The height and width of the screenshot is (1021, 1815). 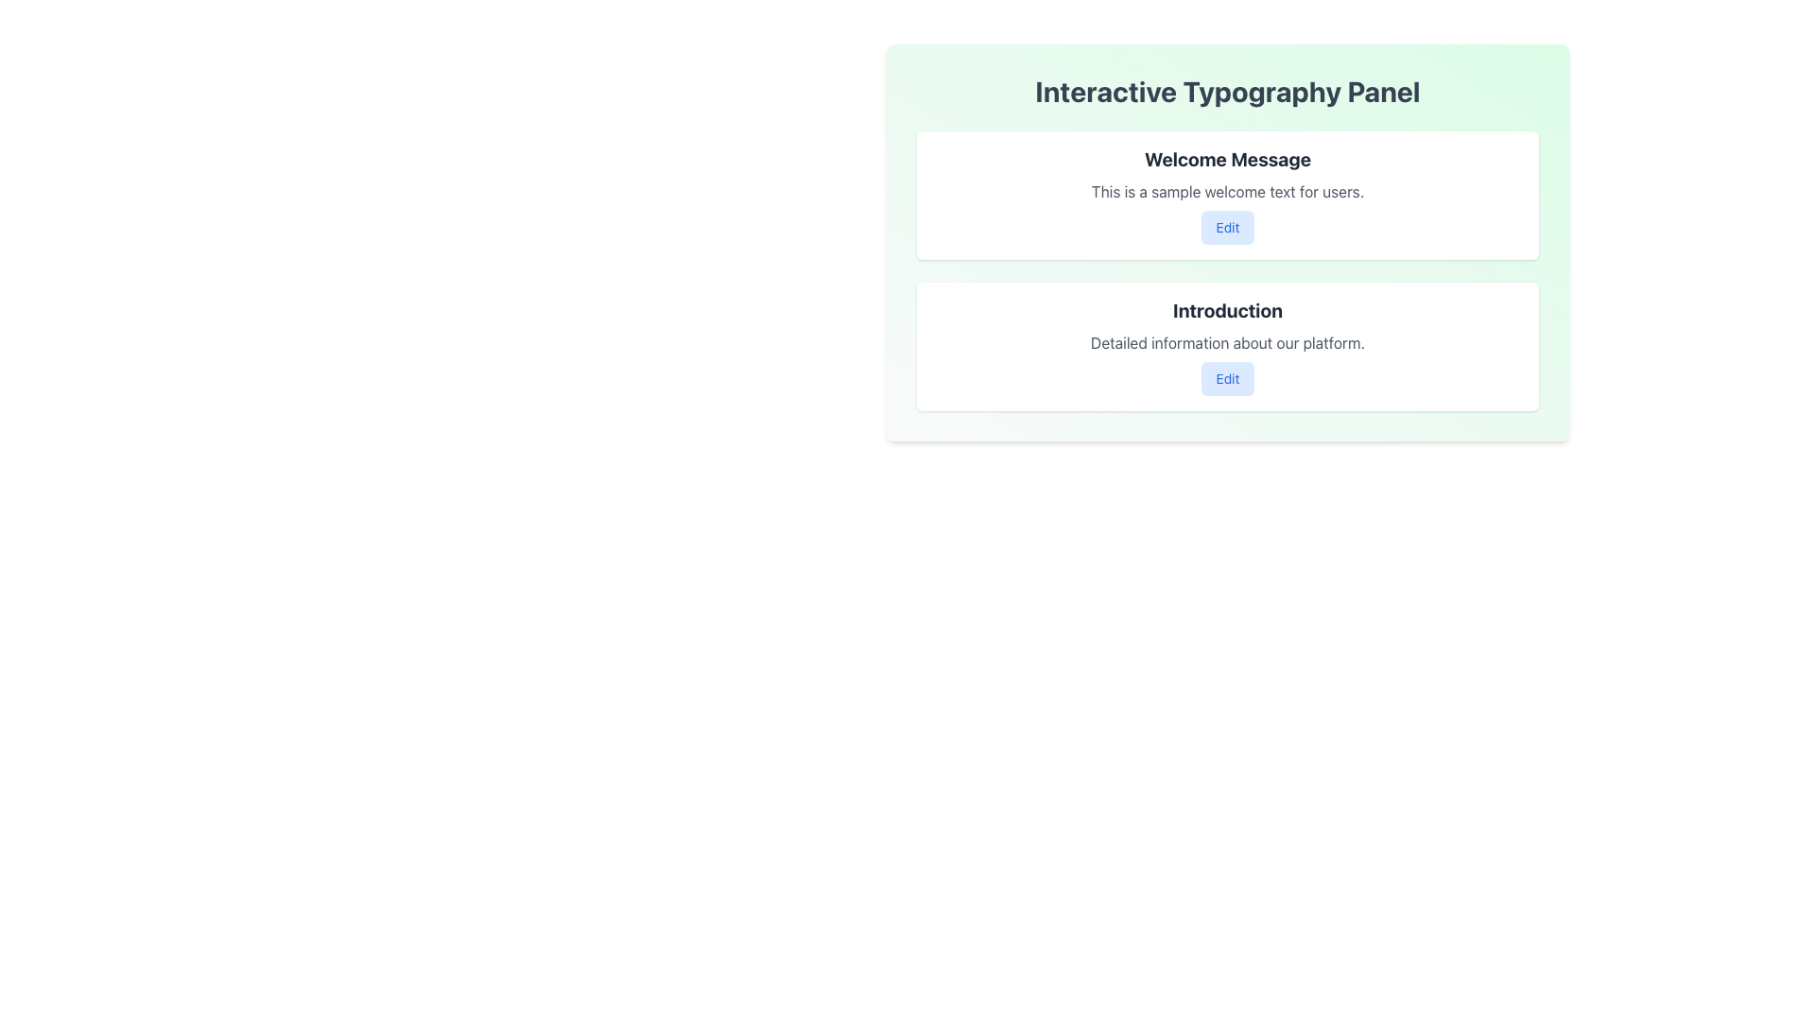 I want to click on the 'Edit' button with a light blue background located under the 'Welcome Message' section, so click(x=1228, y=226).